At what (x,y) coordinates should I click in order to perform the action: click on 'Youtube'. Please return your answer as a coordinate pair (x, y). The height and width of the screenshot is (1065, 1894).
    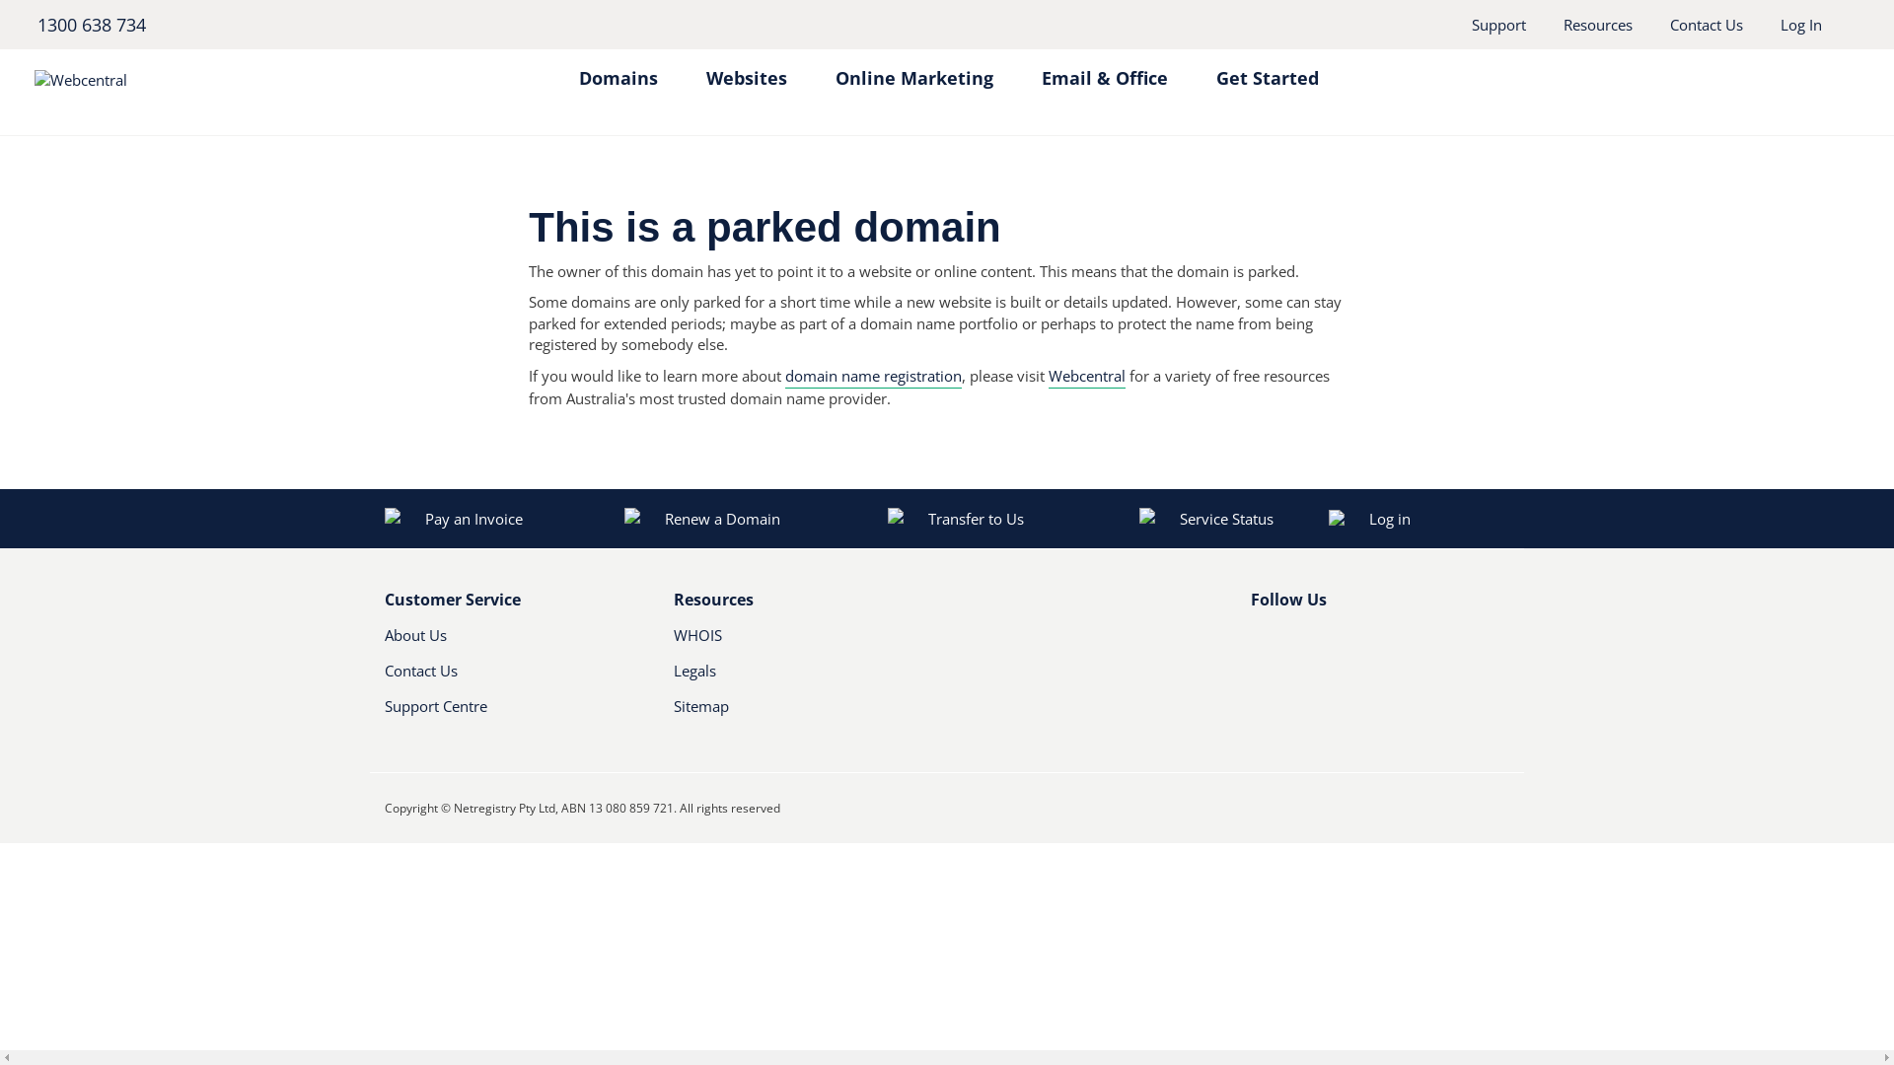
    Looking at the image, I should click on (1326, 643).